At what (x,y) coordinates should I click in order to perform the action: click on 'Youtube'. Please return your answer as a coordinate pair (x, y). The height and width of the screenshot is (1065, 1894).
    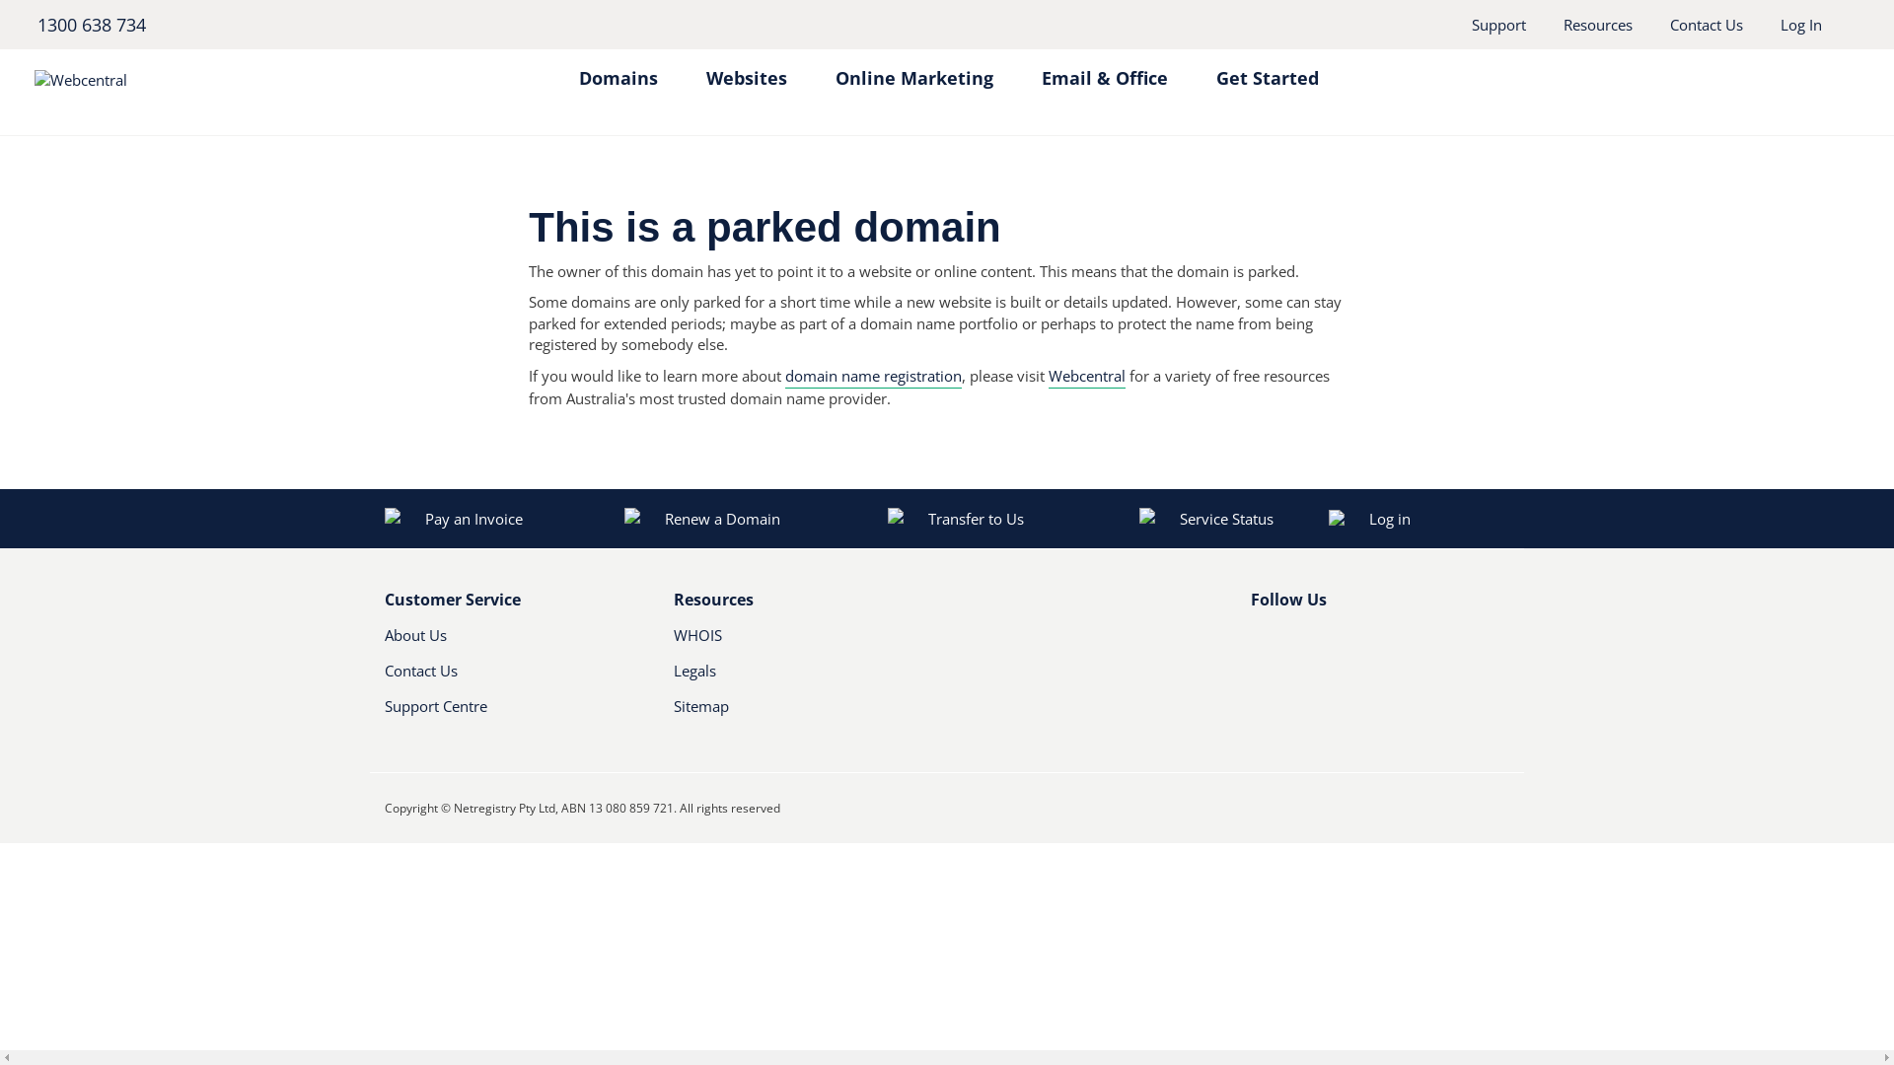
    Looking at the image, I should click on (1326, 643).